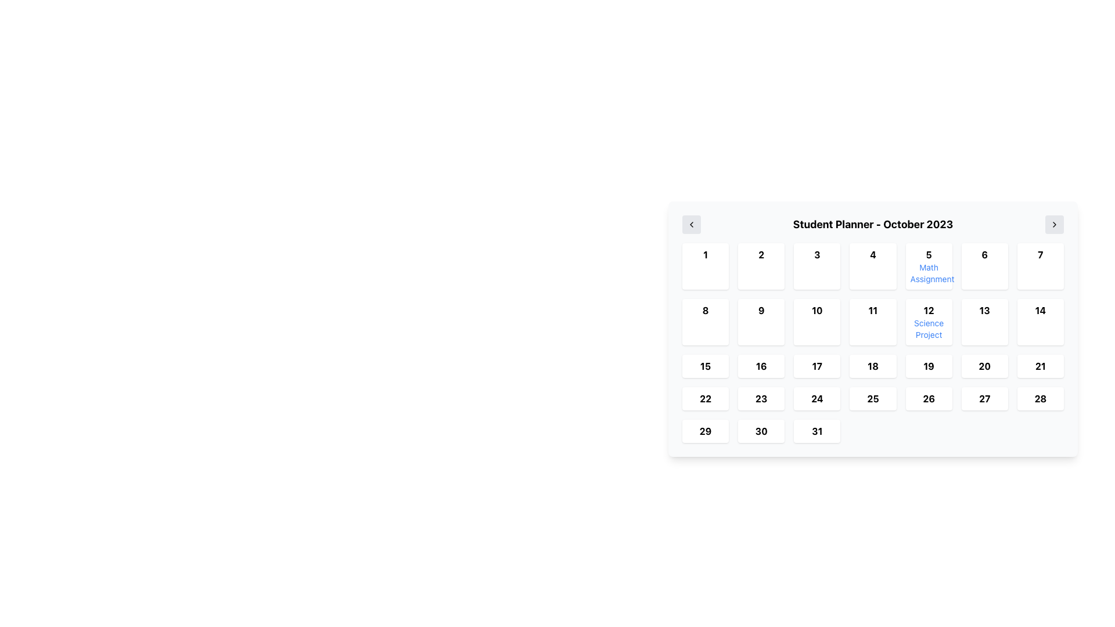 This screenshot has height=627, width=1115. Describe the element at coordinates (1040, 366) in the screenshot. I see `the calendar grid cell representing the 21st day of the month, located in the fourth row and seventh column of the calendar layout` at that location.